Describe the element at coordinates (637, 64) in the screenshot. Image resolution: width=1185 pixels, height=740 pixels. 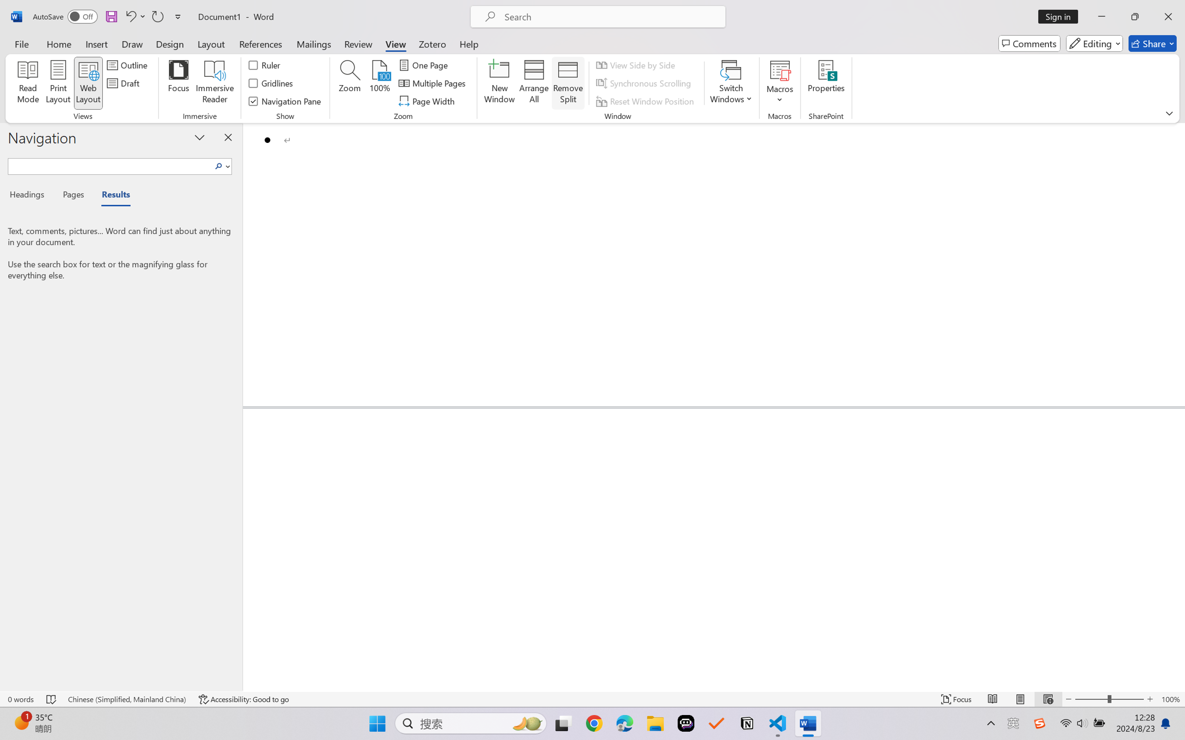
I see `'View Side by Side'` at that location.